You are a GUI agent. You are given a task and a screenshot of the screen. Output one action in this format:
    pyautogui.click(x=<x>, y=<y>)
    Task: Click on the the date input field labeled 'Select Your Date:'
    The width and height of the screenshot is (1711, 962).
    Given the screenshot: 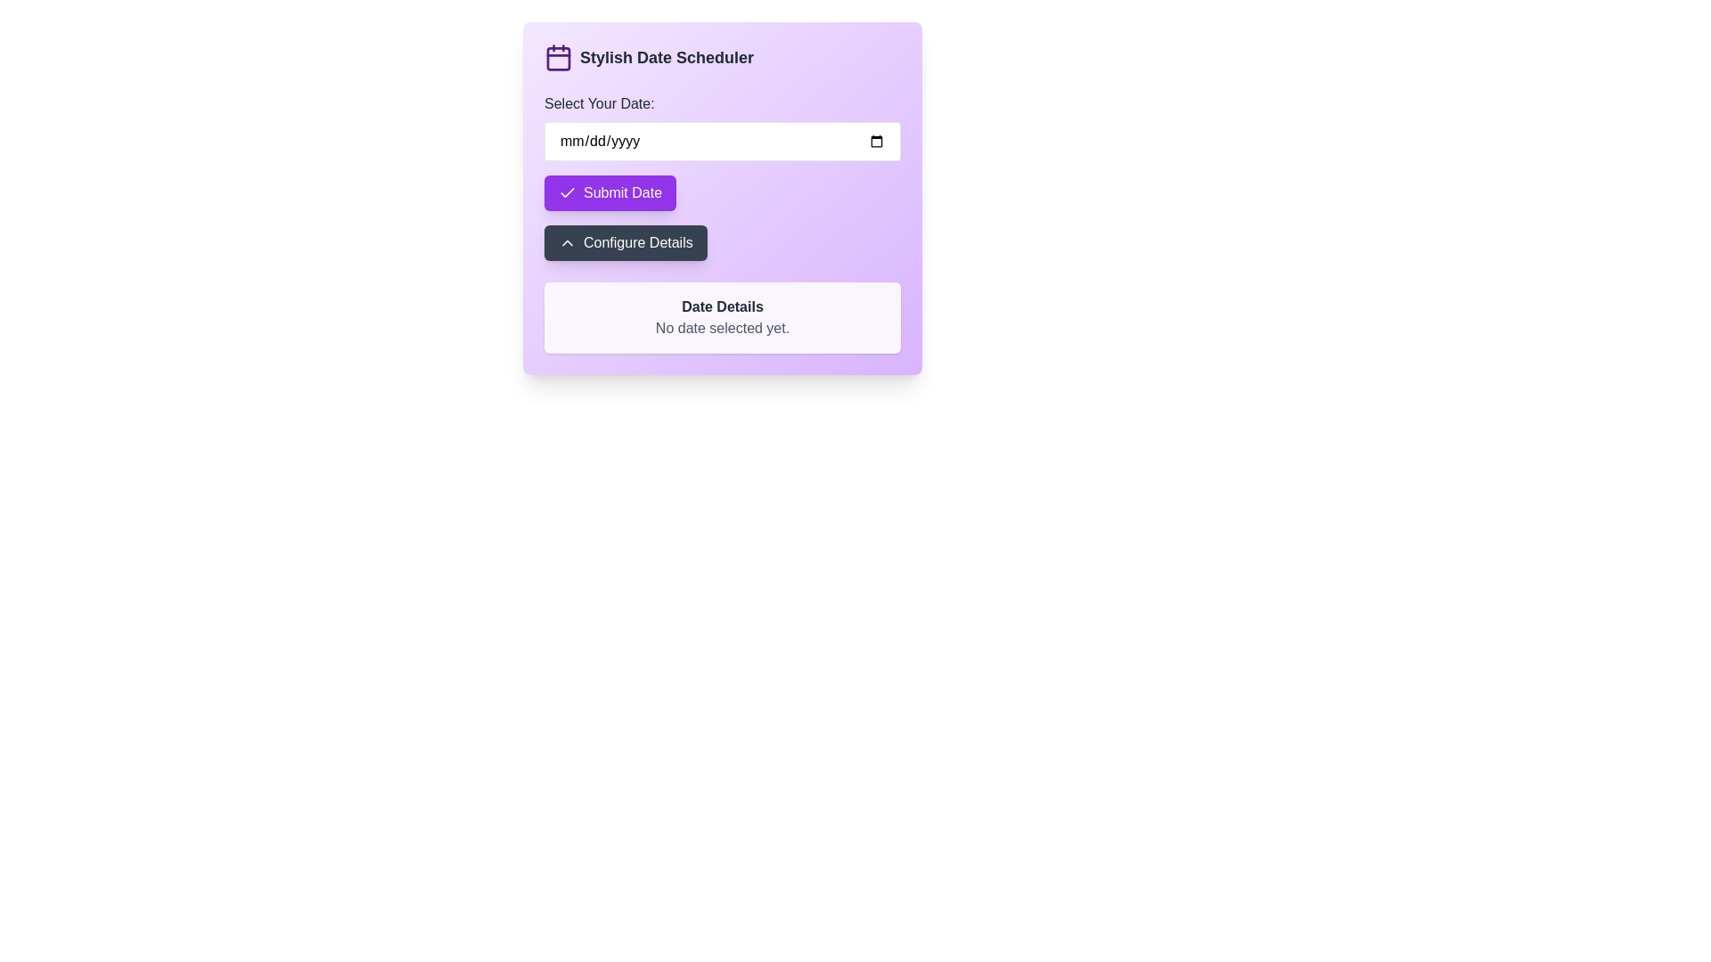 What is the action you would take?
    pyautogui.click(x=723, y=126)
    